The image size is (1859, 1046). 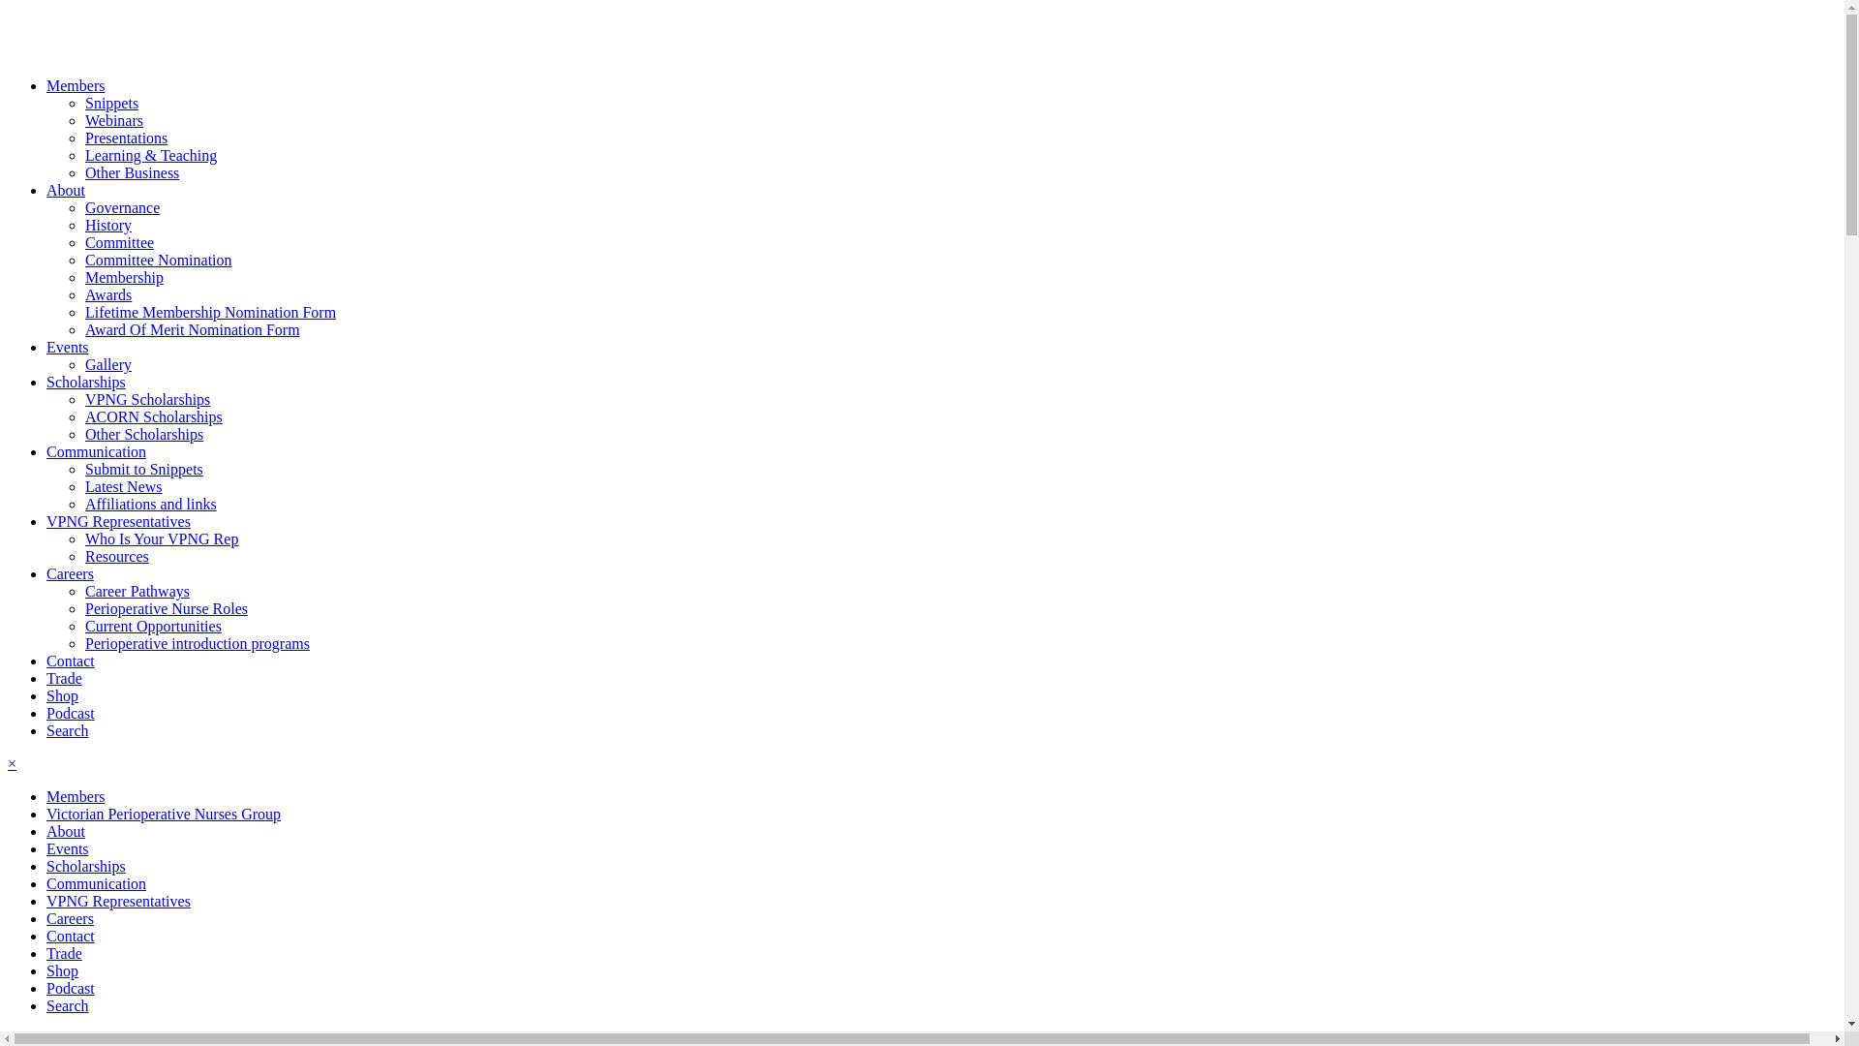 I want to click on 'Shop', so click(x=62, y=694).